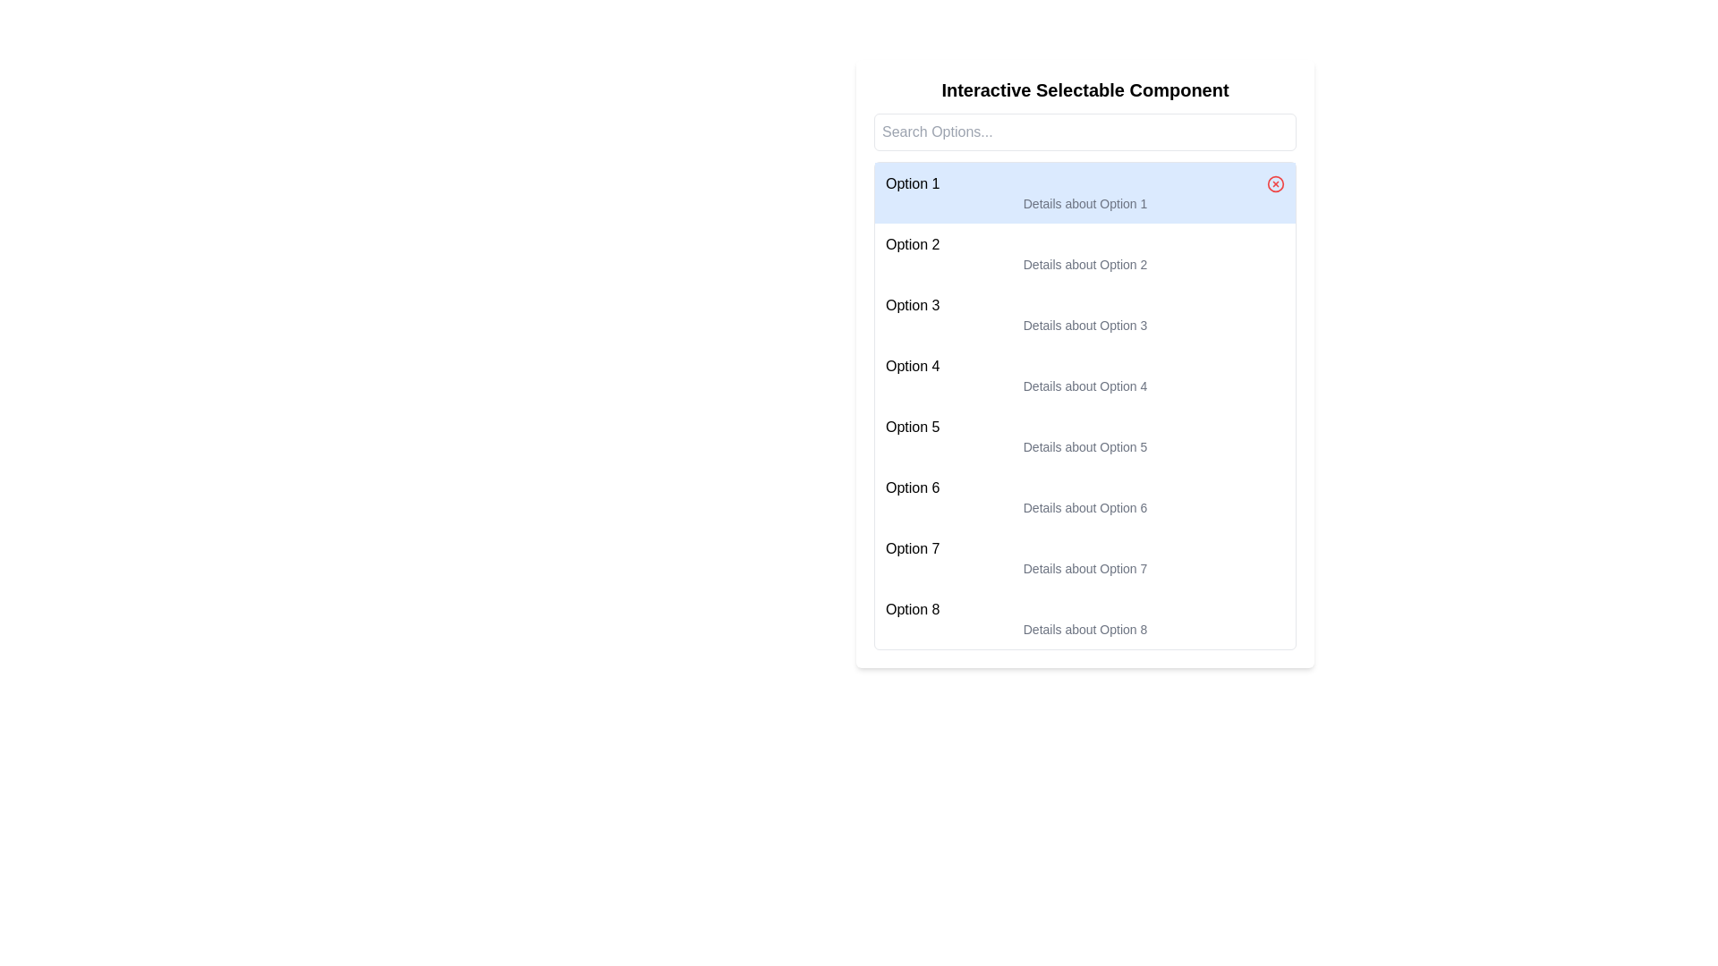 The image size is (1718, 966). Describe the element at coordinates (1084, 313) in the screenshot. I see `the third item in the vertically aligned list of selectable options` at that location.